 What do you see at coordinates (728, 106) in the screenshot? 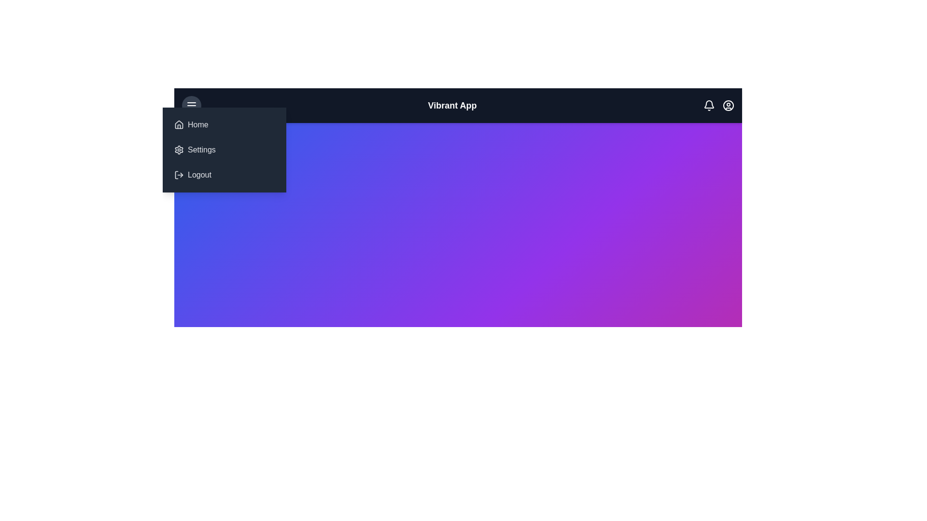
I see `the user profile icon located at the top-right corner of the app bar` at bounding box center [728, 106].